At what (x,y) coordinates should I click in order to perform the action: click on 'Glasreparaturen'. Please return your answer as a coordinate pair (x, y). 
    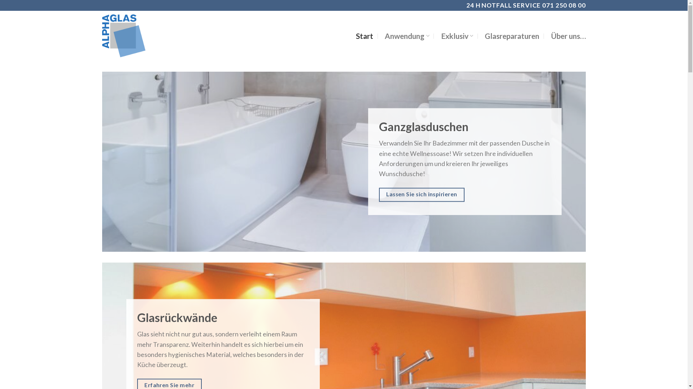
    Looking at the image, I should click on (511, 36).